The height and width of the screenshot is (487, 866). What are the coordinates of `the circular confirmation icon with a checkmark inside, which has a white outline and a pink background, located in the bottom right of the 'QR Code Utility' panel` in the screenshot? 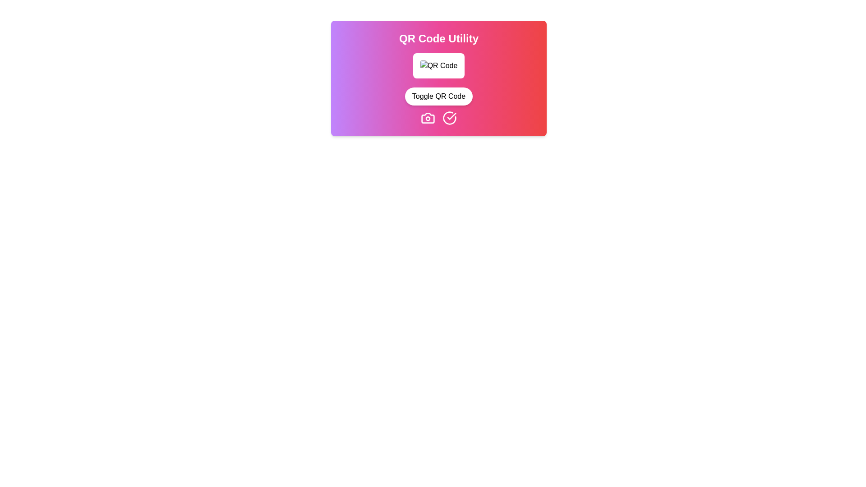 It's located at (450, 118).